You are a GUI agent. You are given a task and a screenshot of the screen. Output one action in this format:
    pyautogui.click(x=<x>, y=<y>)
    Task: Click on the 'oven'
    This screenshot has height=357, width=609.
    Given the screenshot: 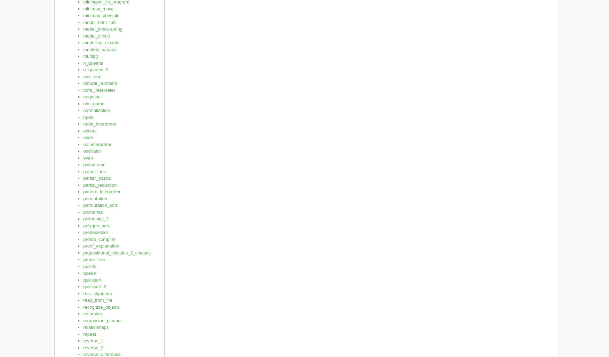 What is the action you would take?
    pyautogui.click(x=88, y=157)
    